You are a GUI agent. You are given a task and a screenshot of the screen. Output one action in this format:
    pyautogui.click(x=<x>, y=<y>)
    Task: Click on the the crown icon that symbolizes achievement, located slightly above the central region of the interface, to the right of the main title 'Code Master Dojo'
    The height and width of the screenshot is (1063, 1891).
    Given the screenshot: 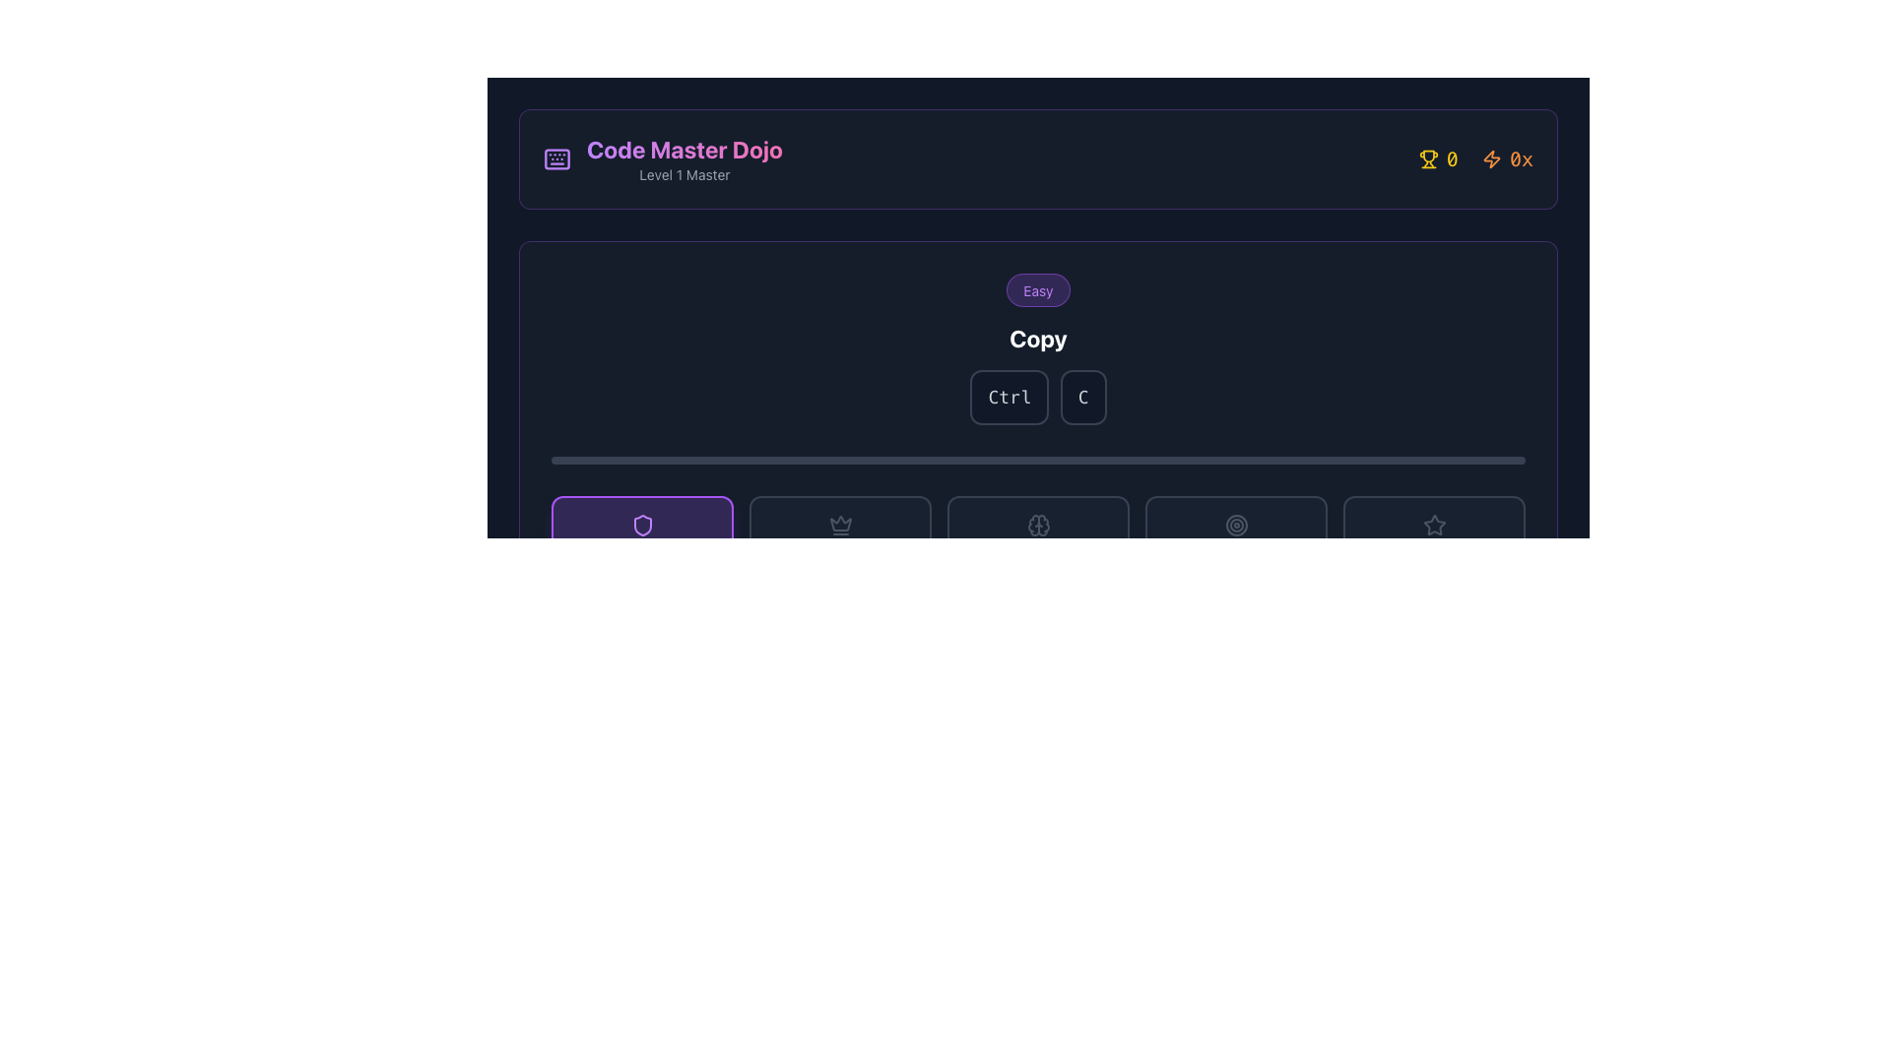 What is the action you would take?
    pyautogui.click(x=840, y=523)
    